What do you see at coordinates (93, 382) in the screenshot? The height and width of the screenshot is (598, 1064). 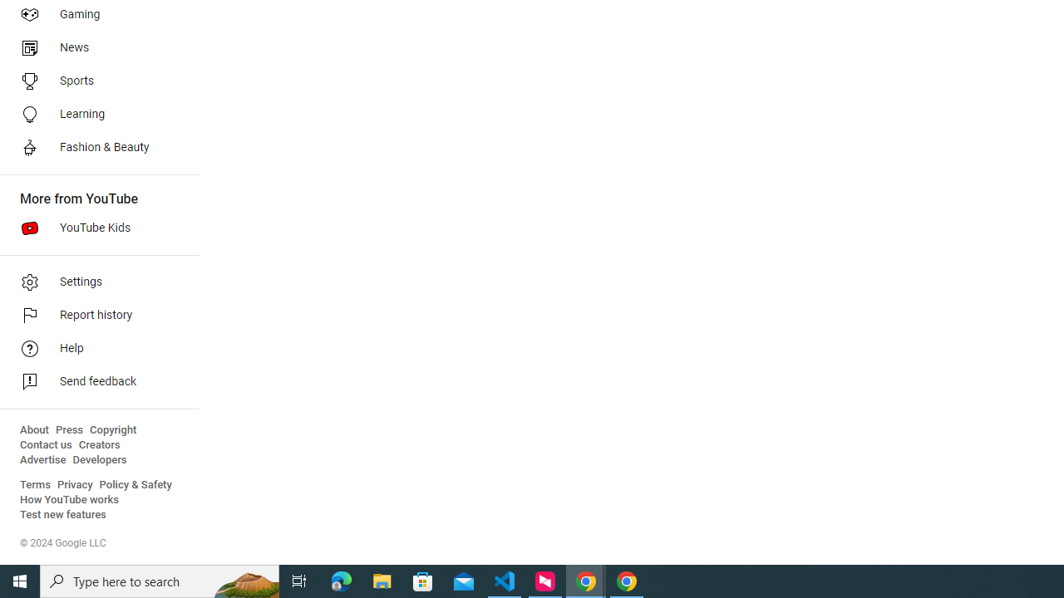 I see `'Send feedback'` at bounding box center [93, 382].